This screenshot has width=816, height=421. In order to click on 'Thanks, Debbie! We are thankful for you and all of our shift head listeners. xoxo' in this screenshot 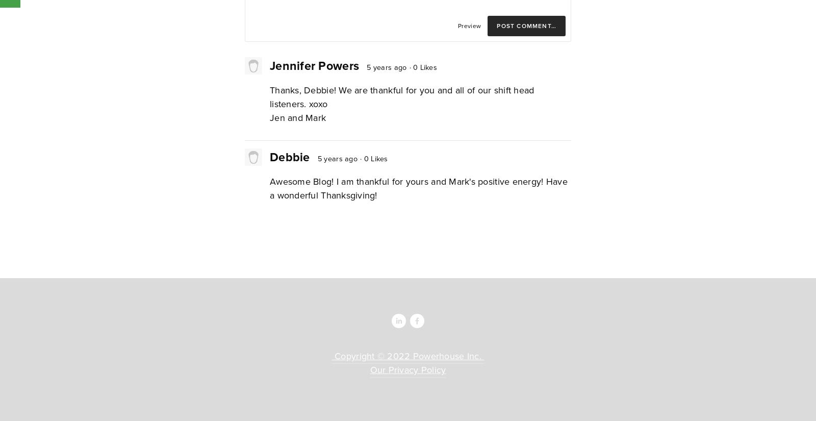, I will do `click(269, 96)`.